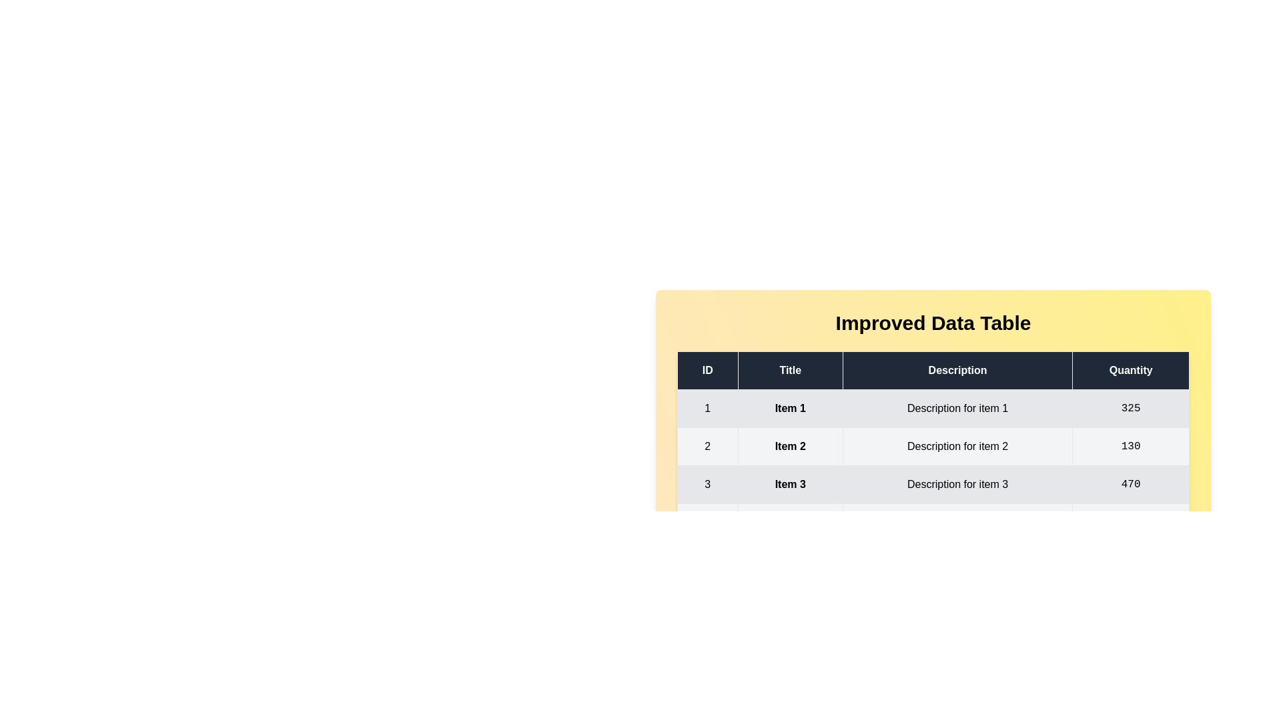  I want to click on the cell with content 470 to select its content, so click(1130, 484).